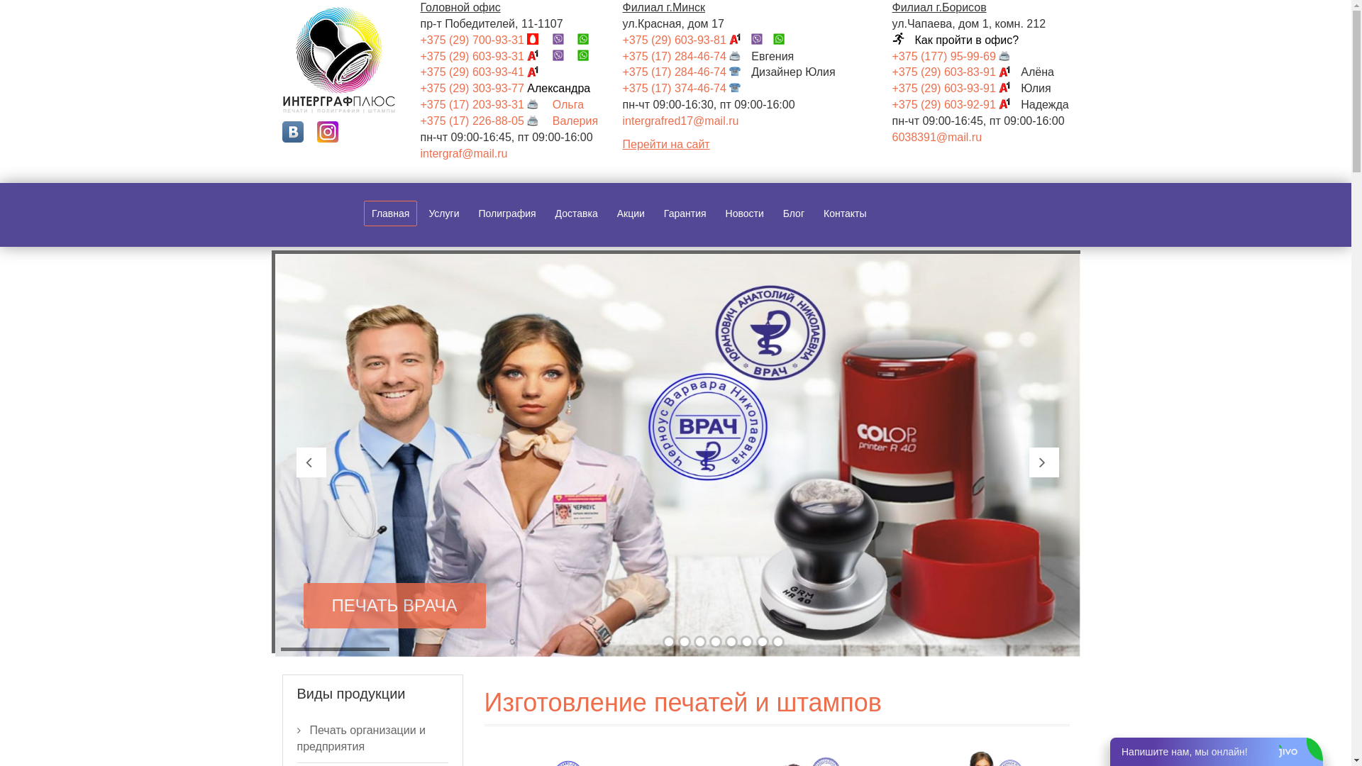 Image resolution: width=1362 pixels, height=766 pixels. Describe the element at coordinates (687, 55) in the screenshot. I see `'+375 (17) 284-46-74 '` at that location.